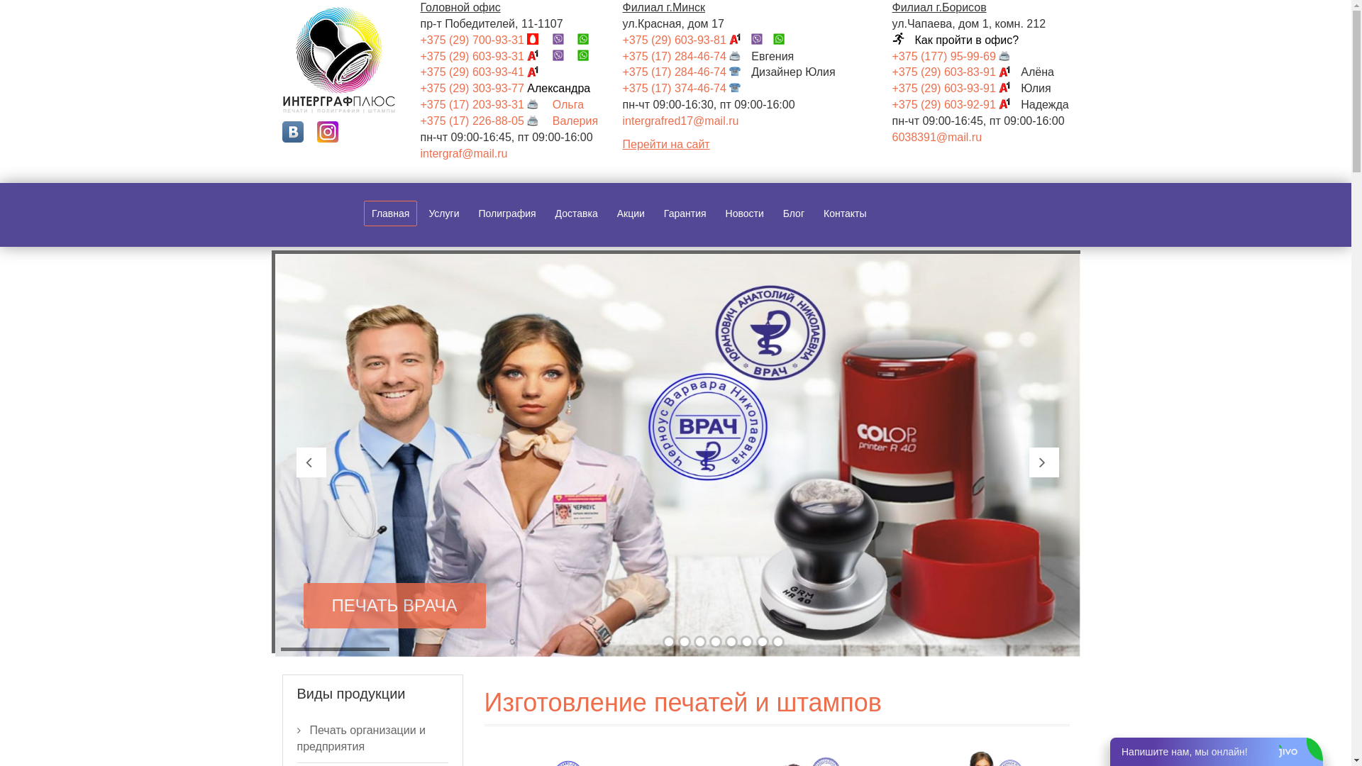 Image resolution: width=1362 pixels, height=766 pixels. Describe the element at coordinates (687, 55) in the screenshot. I see `'+375 (17) 284-46-74 '` at that location.